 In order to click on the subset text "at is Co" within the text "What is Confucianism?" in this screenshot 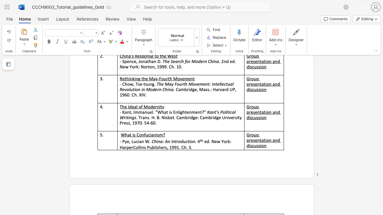, I will do `click(127, 135)`.